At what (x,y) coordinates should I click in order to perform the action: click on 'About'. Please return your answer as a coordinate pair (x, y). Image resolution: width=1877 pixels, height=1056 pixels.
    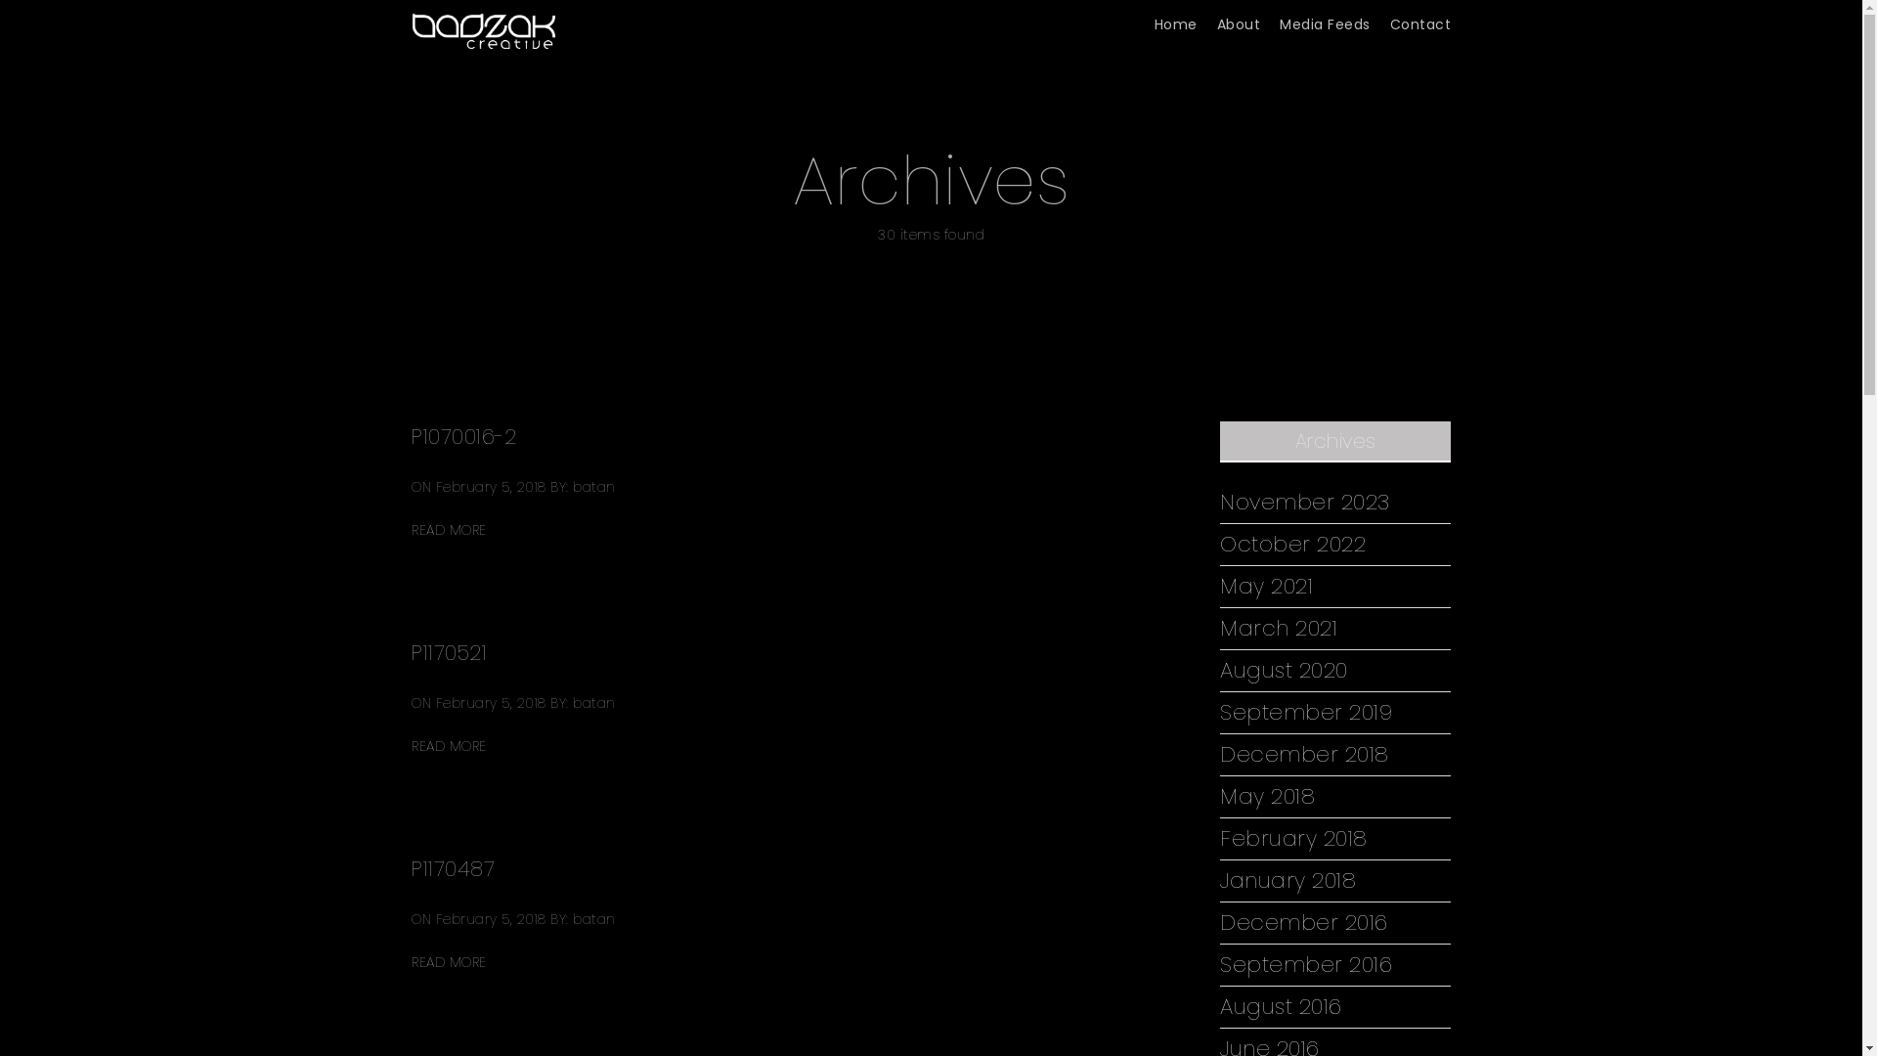
    Looking at the image, I should click on (1237, 25).